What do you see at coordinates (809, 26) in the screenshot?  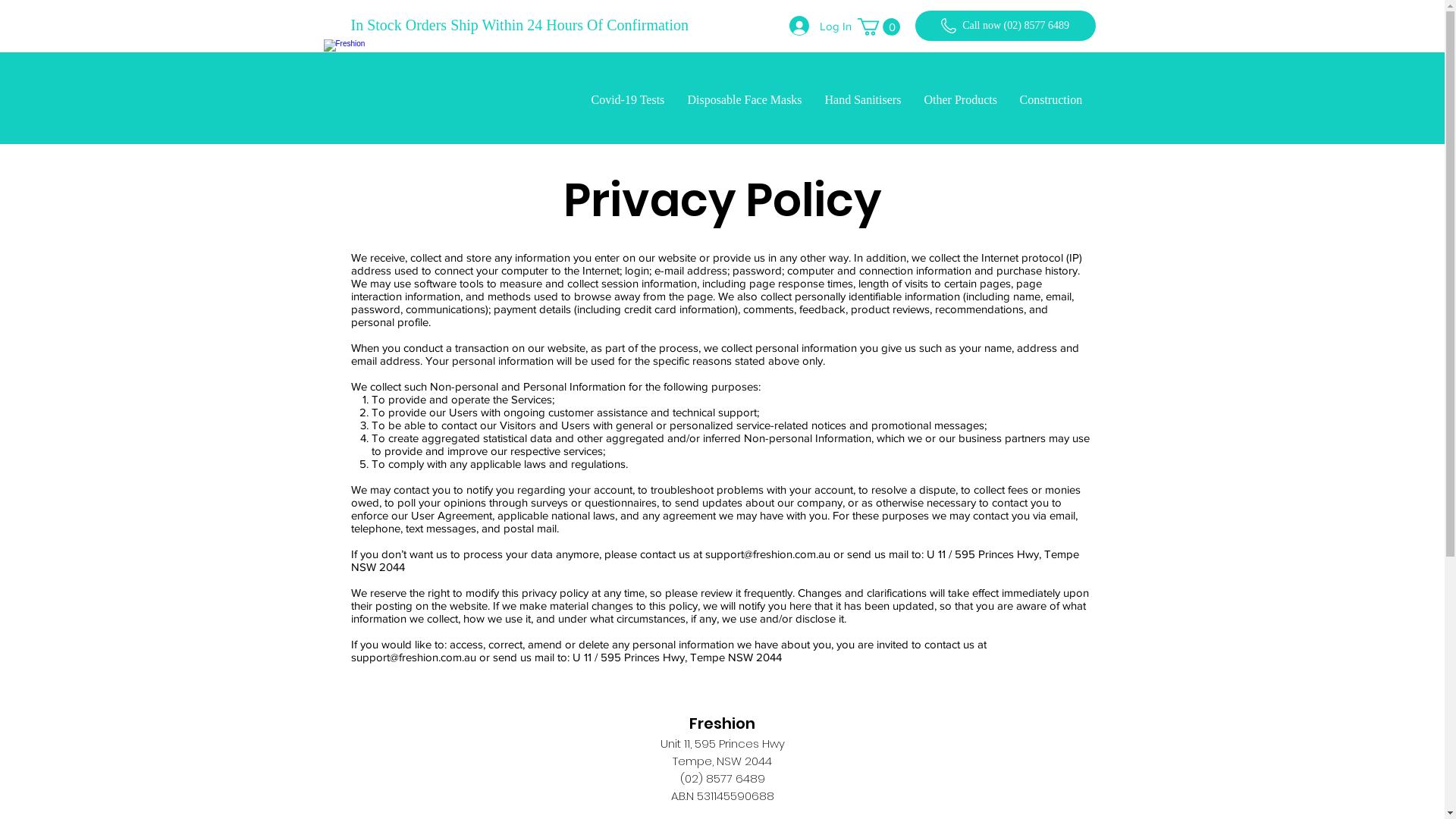 I see `'Log In'` at bounding box center [809, 26].